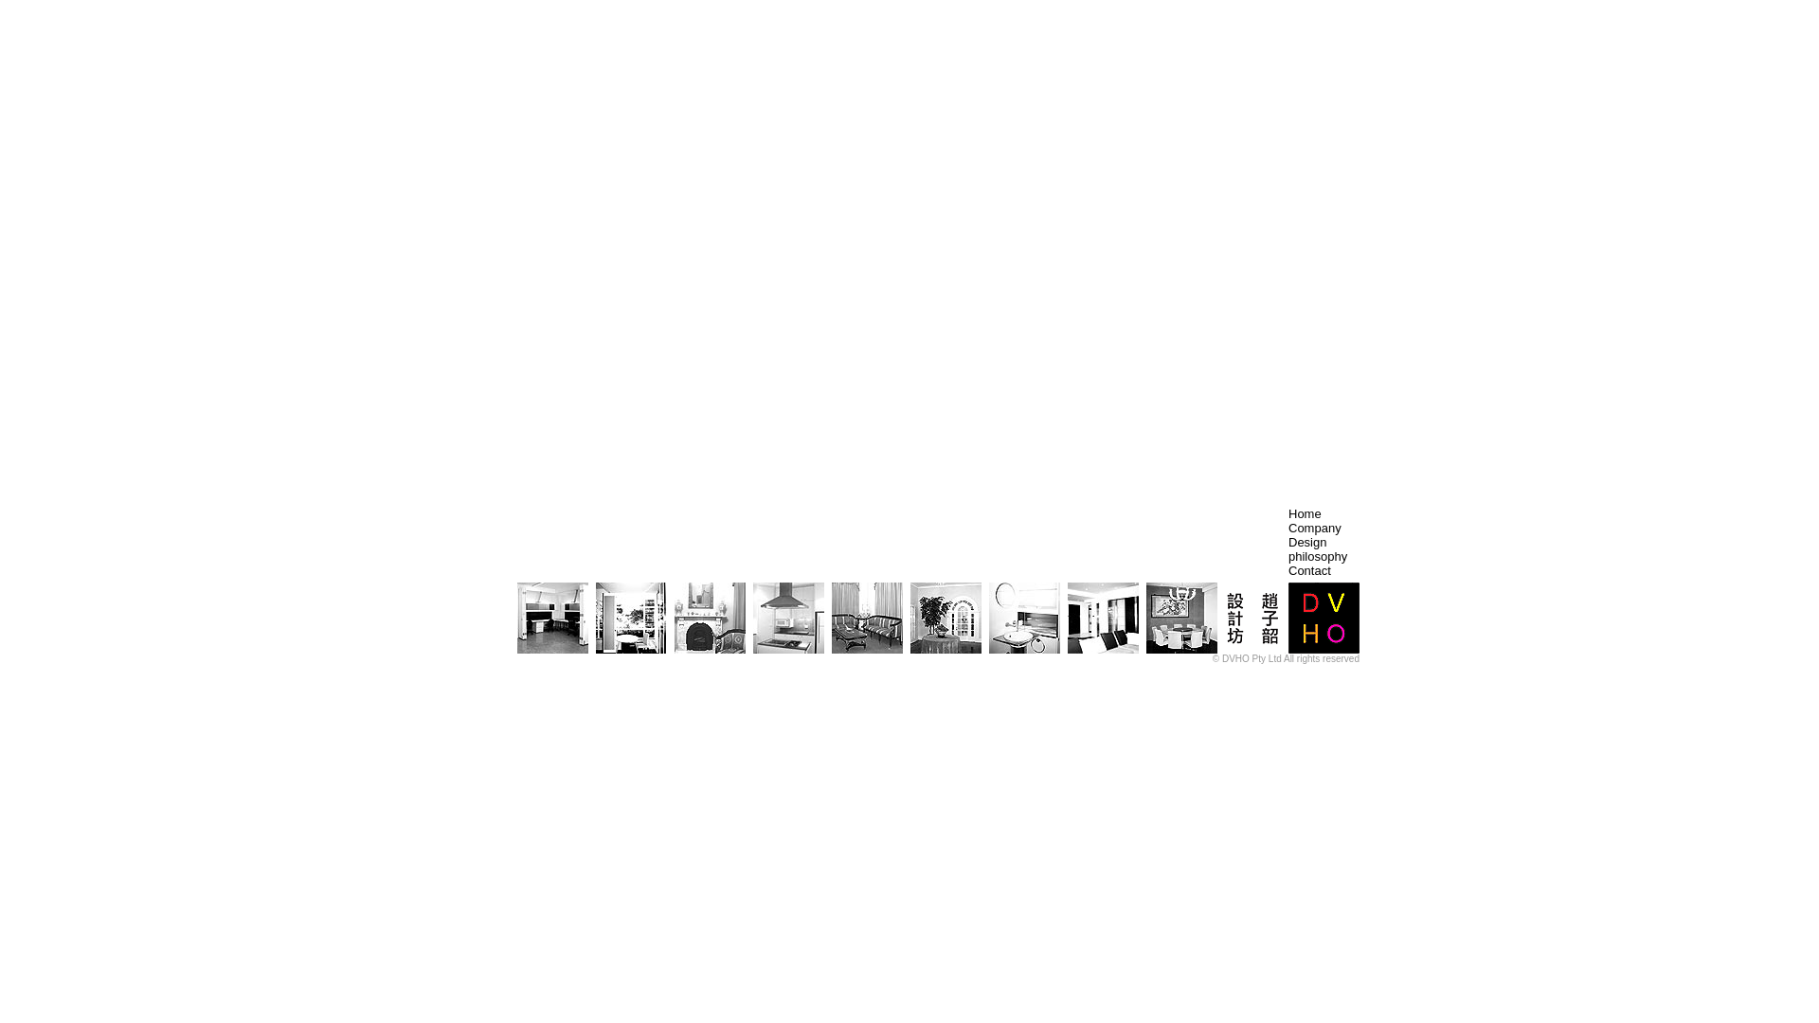 This screenshot has width=1819, height=1023. Describe the element at coordinates (1308, 569) in the screenshot. I see `'Contact'` at that location.